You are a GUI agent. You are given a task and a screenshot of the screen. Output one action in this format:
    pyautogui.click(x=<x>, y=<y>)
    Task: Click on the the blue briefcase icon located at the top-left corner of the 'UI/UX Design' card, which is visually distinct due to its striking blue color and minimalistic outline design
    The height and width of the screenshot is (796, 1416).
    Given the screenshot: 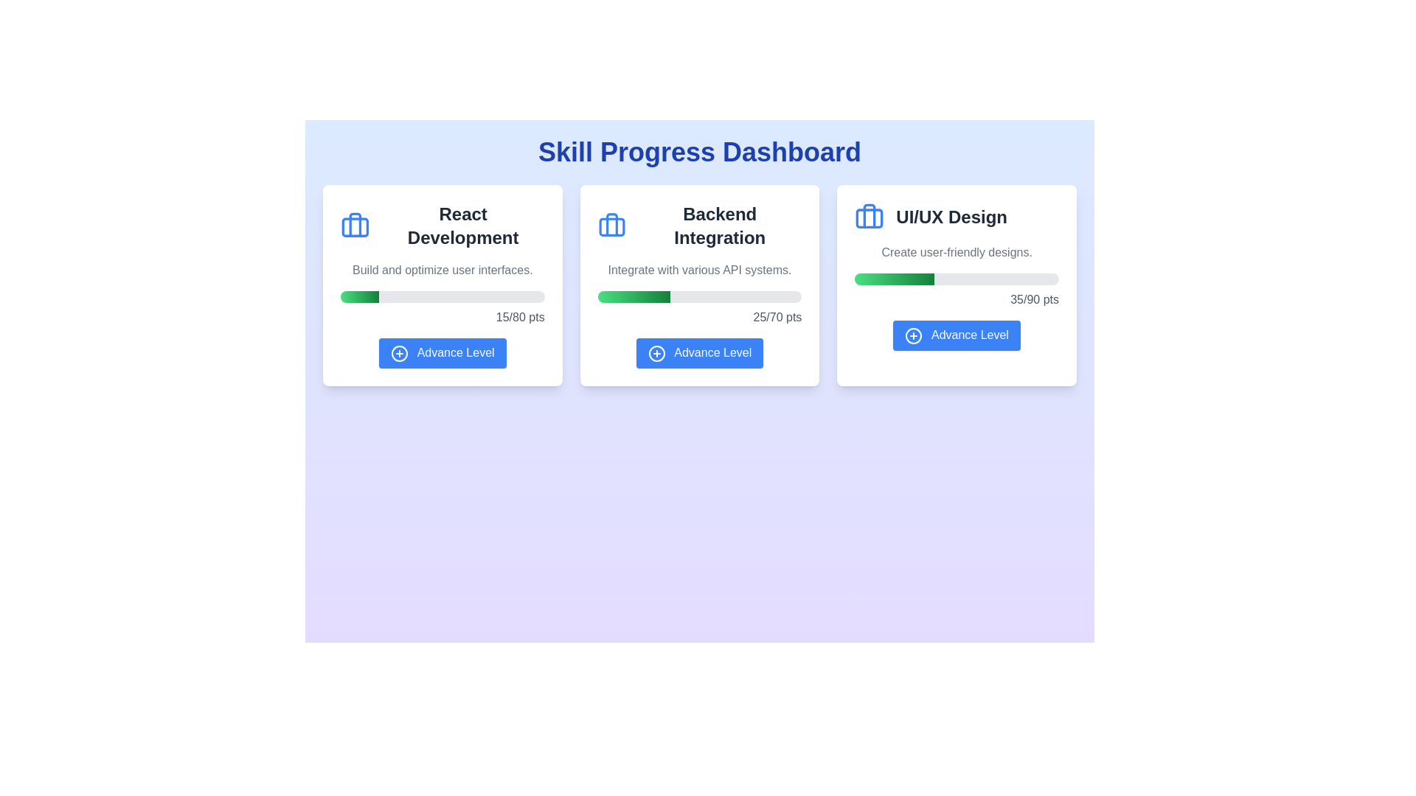 What is the action you would take?
    pyautogui.click(x=870, y=217)
    